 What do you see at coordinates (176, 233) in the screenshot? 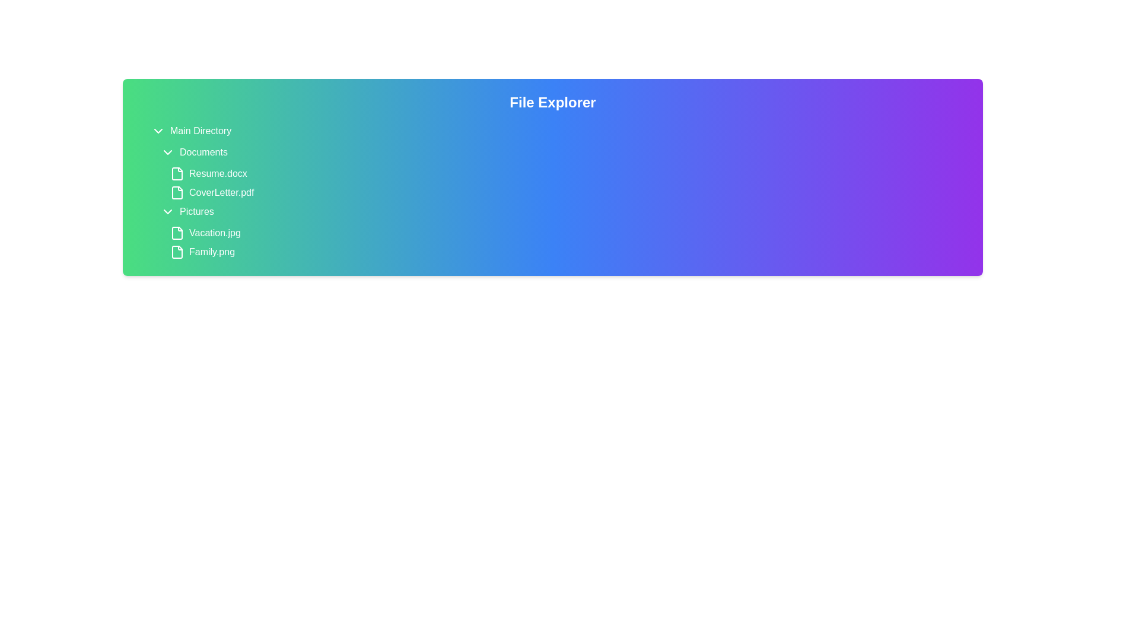
I see `the file icon representing 'Vacation.jpg' in the 'Pictures' subsection of the file explorer` at bounding box center [176, 233].